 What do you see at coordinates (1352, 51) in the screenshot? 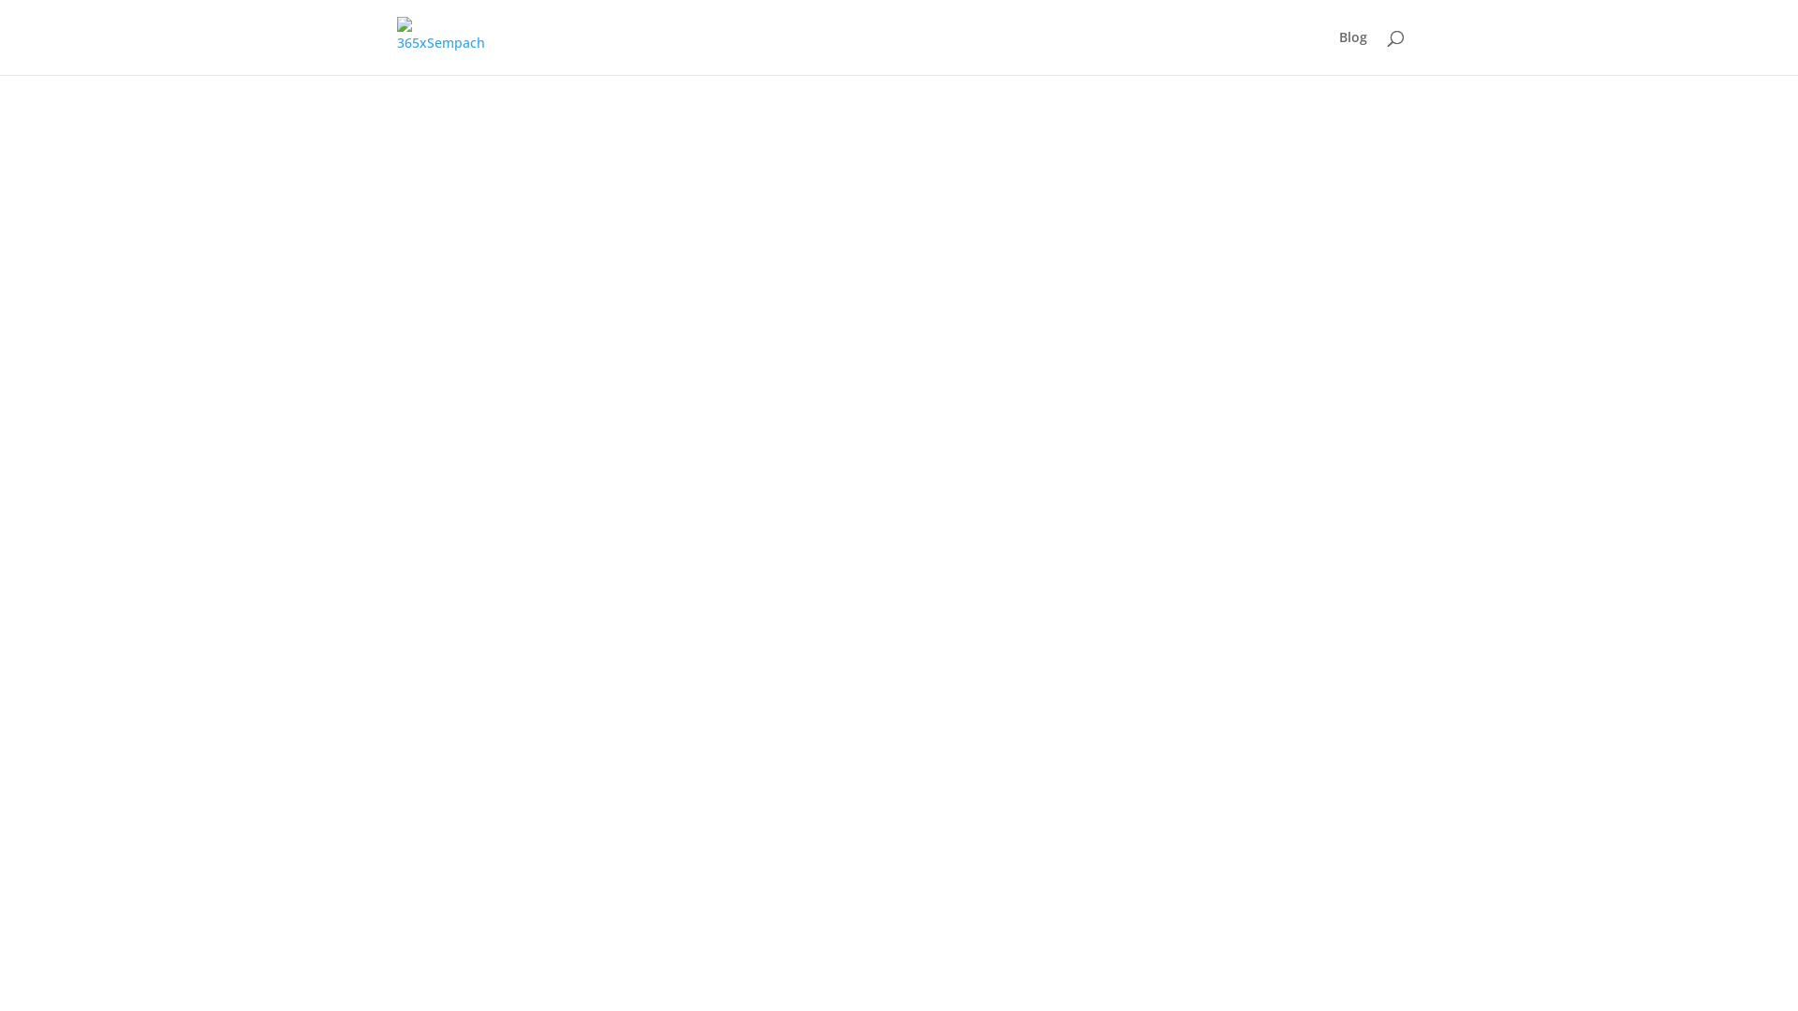
I see `'Blog'` at bounding box center [1352, 51].